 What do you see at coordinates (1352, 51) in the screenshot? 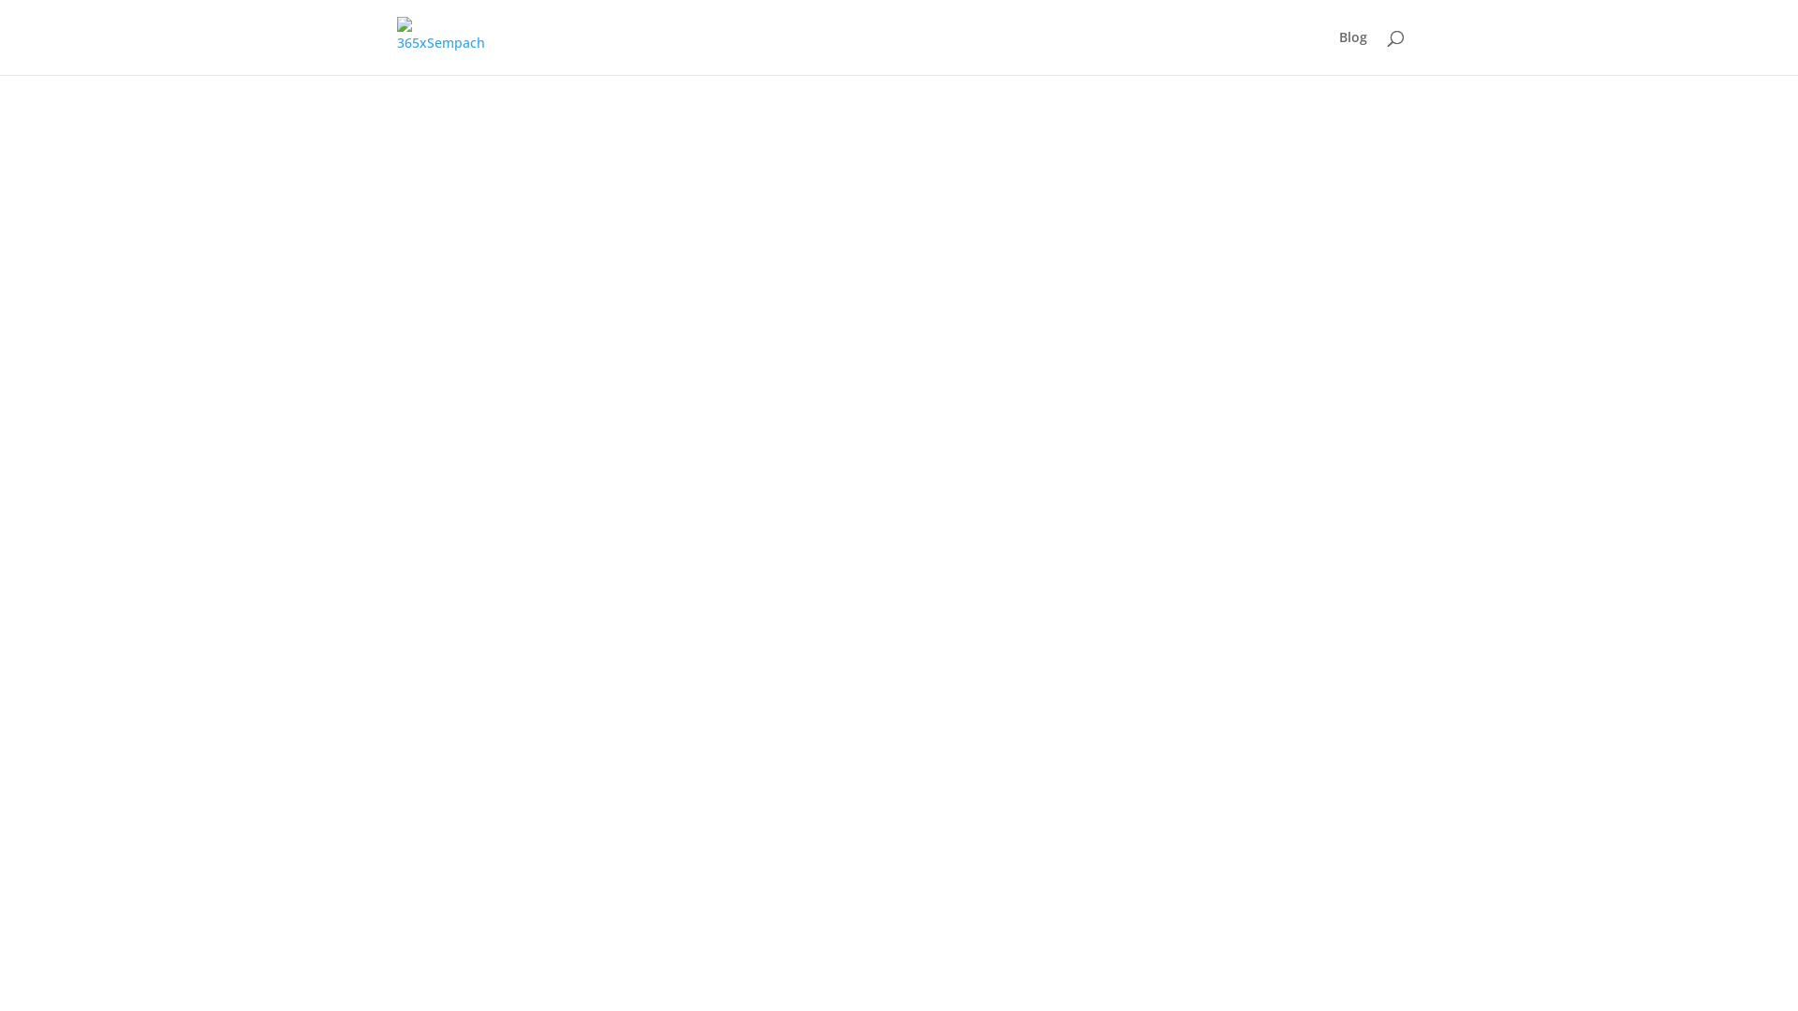
I see `'Blog'` at bounding box center [1352, 51].